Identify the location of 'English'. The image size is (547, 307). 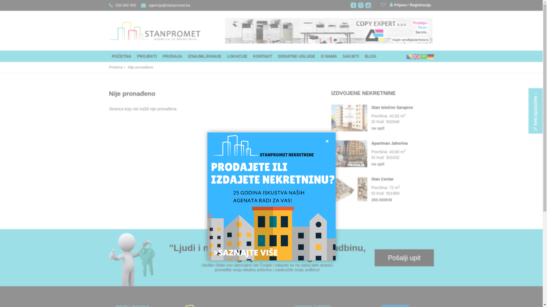
(417, 56).